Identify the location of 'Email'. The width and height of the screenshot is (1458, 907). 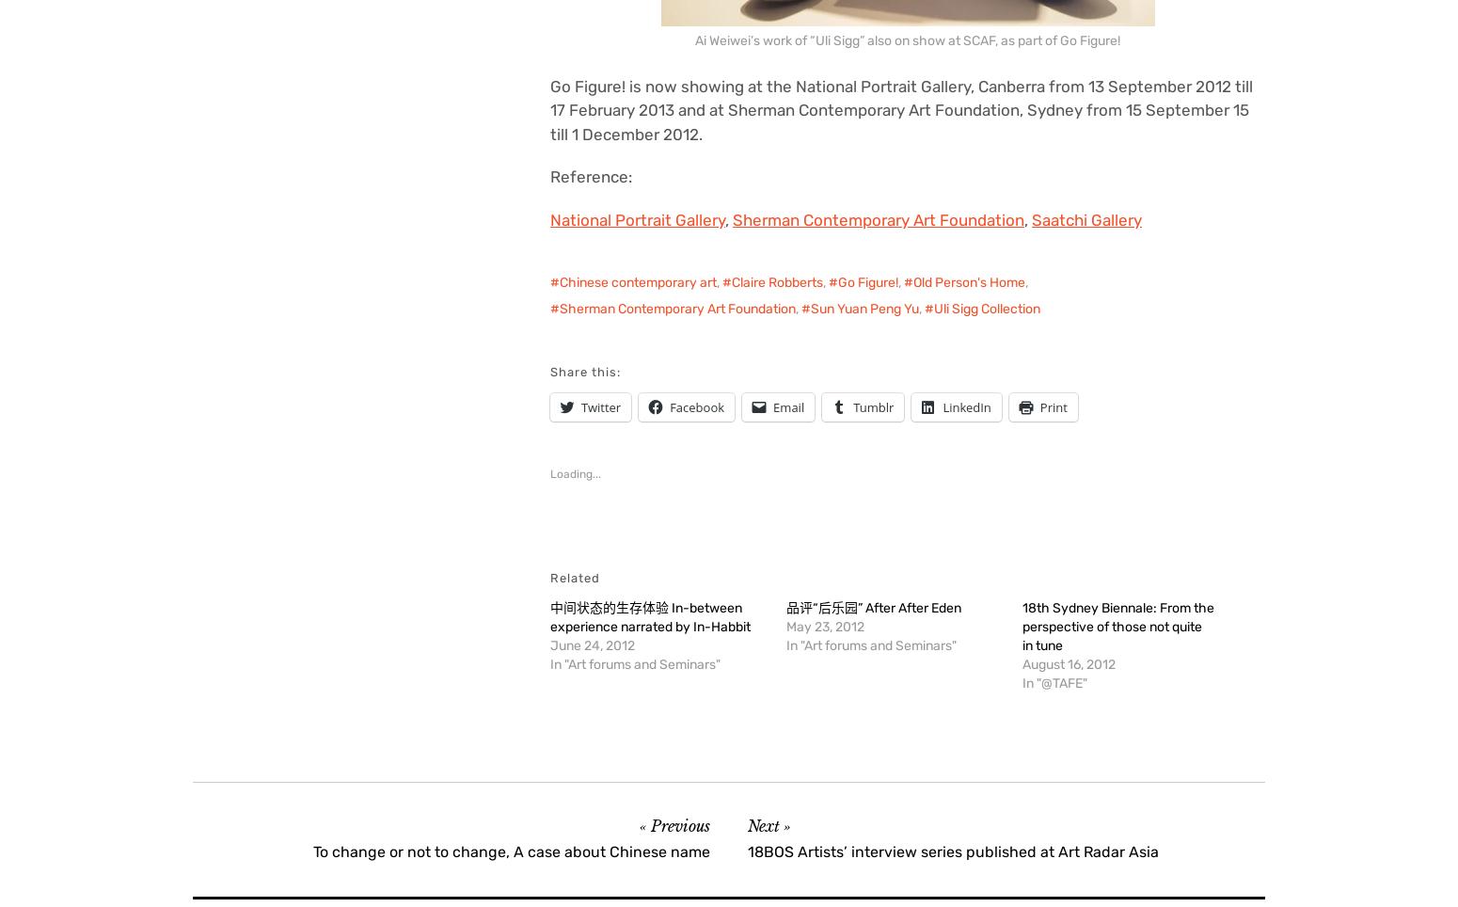
(787, 406).